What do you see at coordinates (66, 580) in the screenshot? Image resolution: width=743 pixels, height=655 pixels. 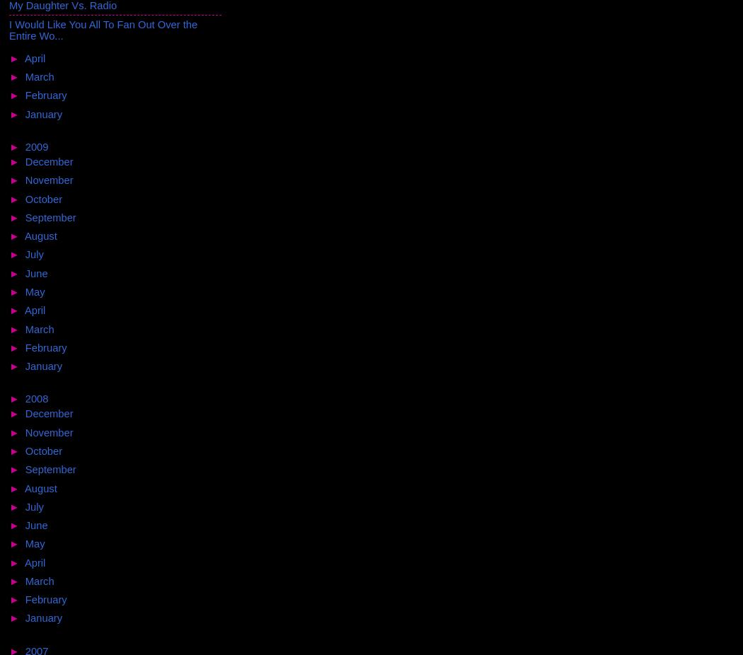 I see `'(36)'` at bounding box center [66, 580].